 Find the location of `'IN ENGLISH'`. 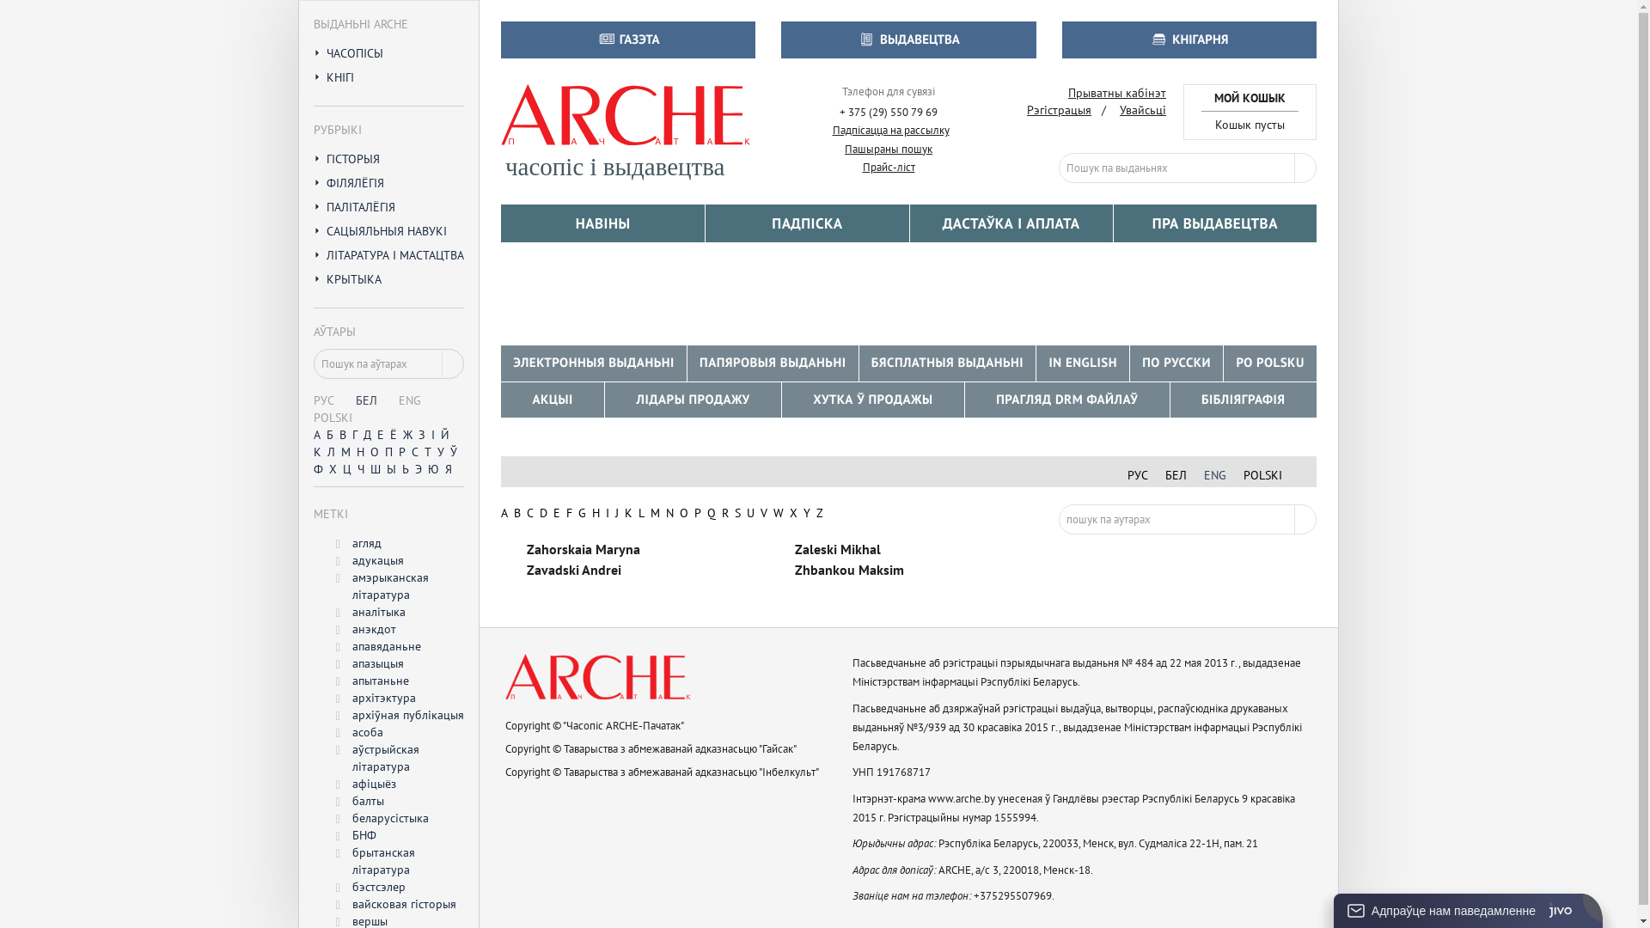

'IN ENGLISH' is located at coordinates (1081, 362).